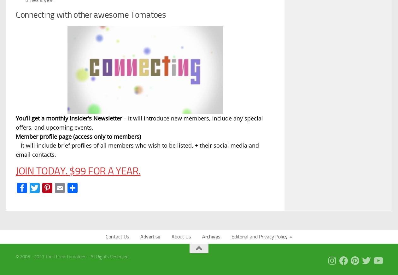  Describe the element at coordinates (211, 236) in the screenshot. I see `'Archives'` at that location.